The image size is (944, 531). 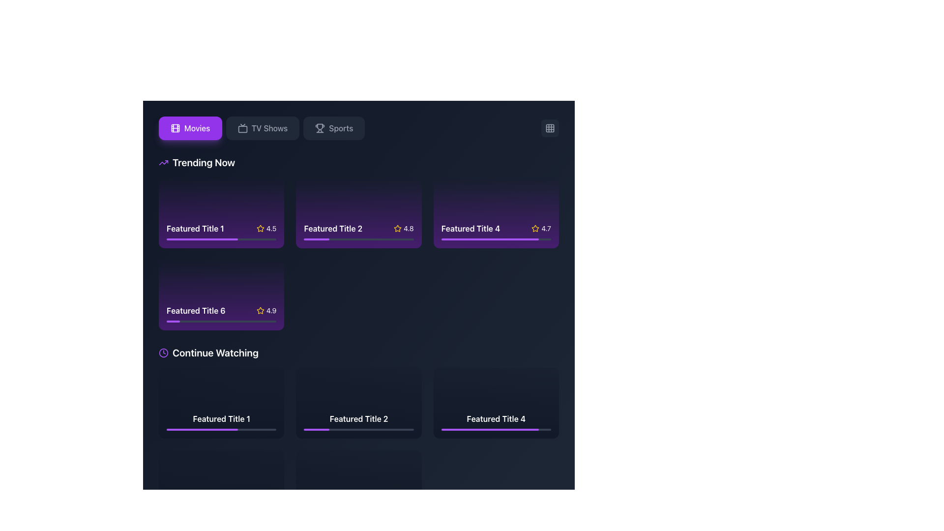 What do you see at coordinates (470, 228) in the screenshot?
I see `the text label that reads 'Featured Title 4', styled with a bold font weight and displayed in white on a purple background, located in the top right section of the 'Trending Now' category card` at bounding box center [470, 228].